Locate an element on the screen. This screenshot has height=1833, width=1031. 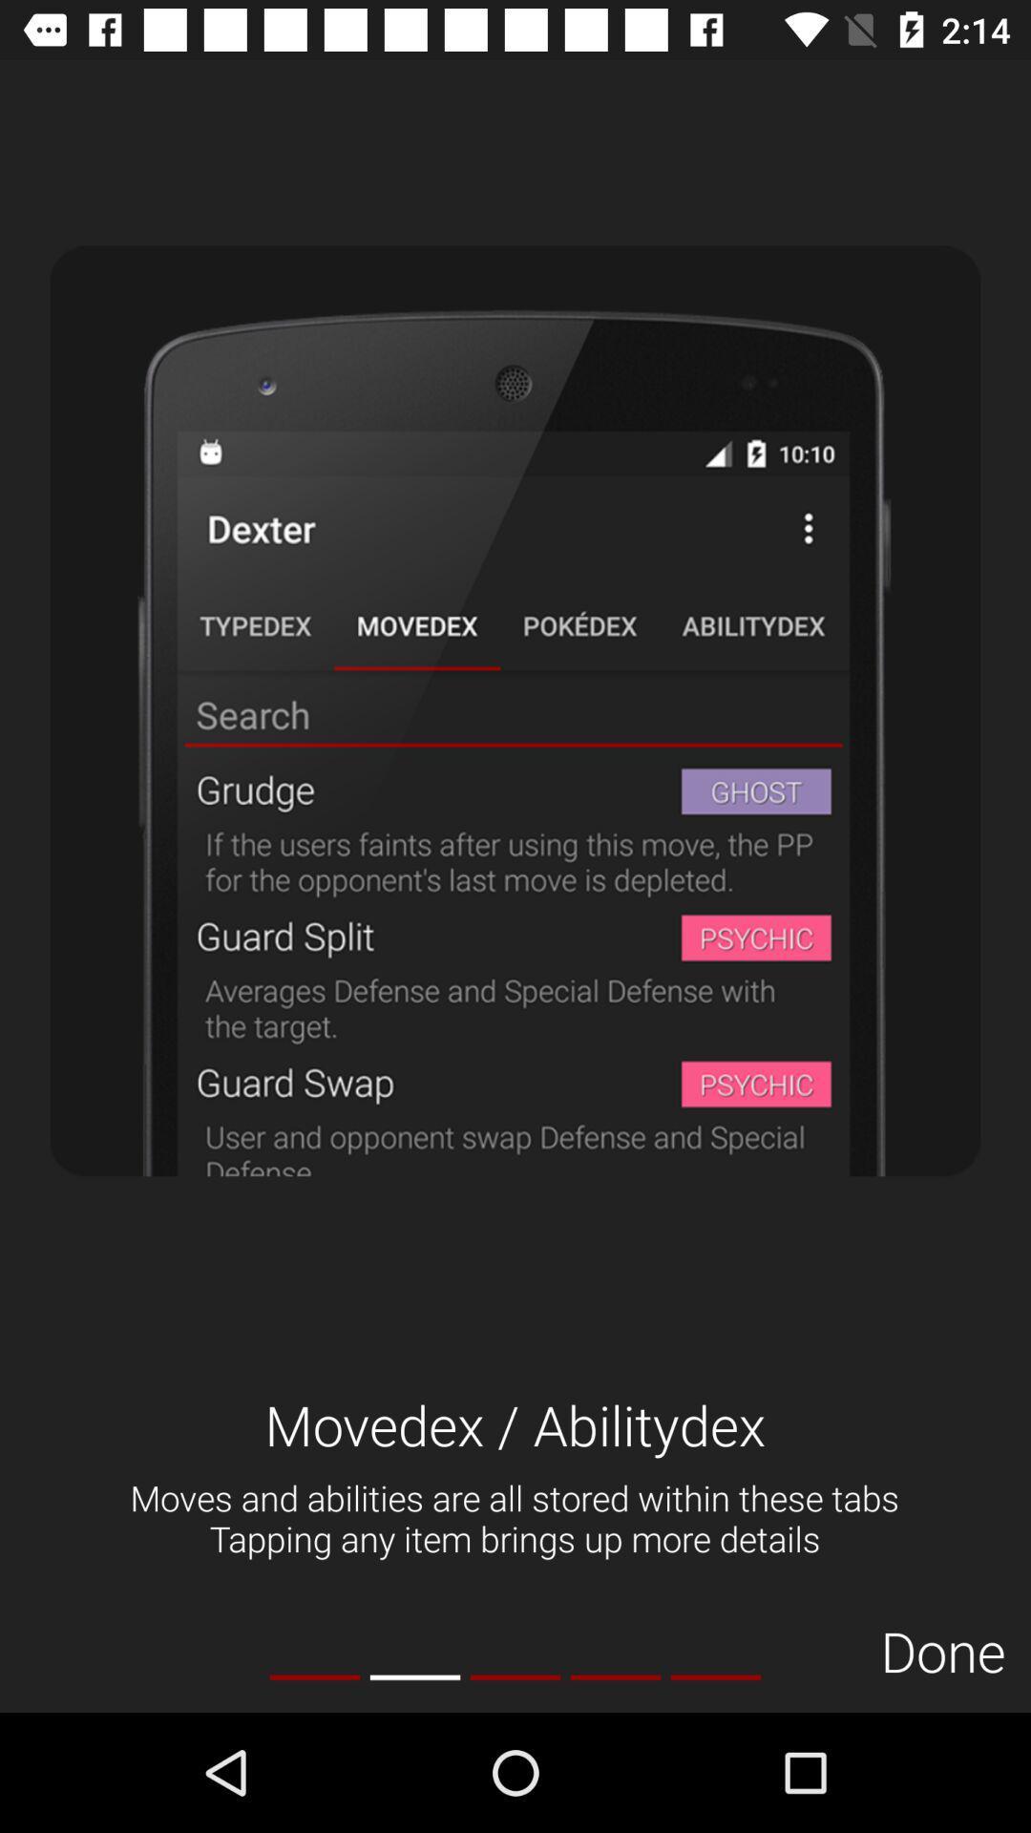
the item below moves and abilities is located at coordinates (414, 1676).